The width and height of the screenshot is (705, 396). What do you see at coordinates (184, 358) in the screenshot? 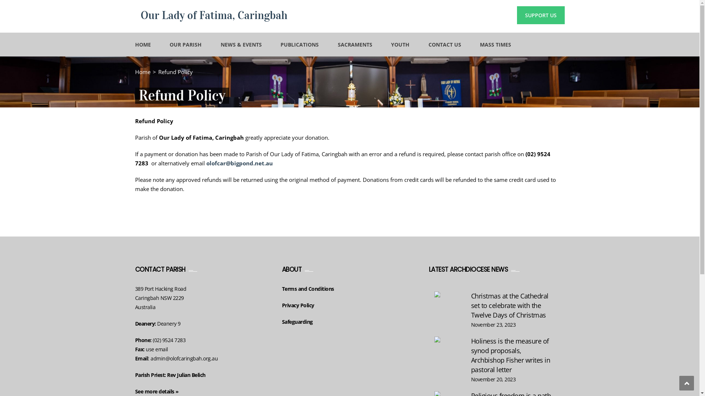
I see `'admin@olofcaringbah.org.au'` at bounding box center [184, 358].